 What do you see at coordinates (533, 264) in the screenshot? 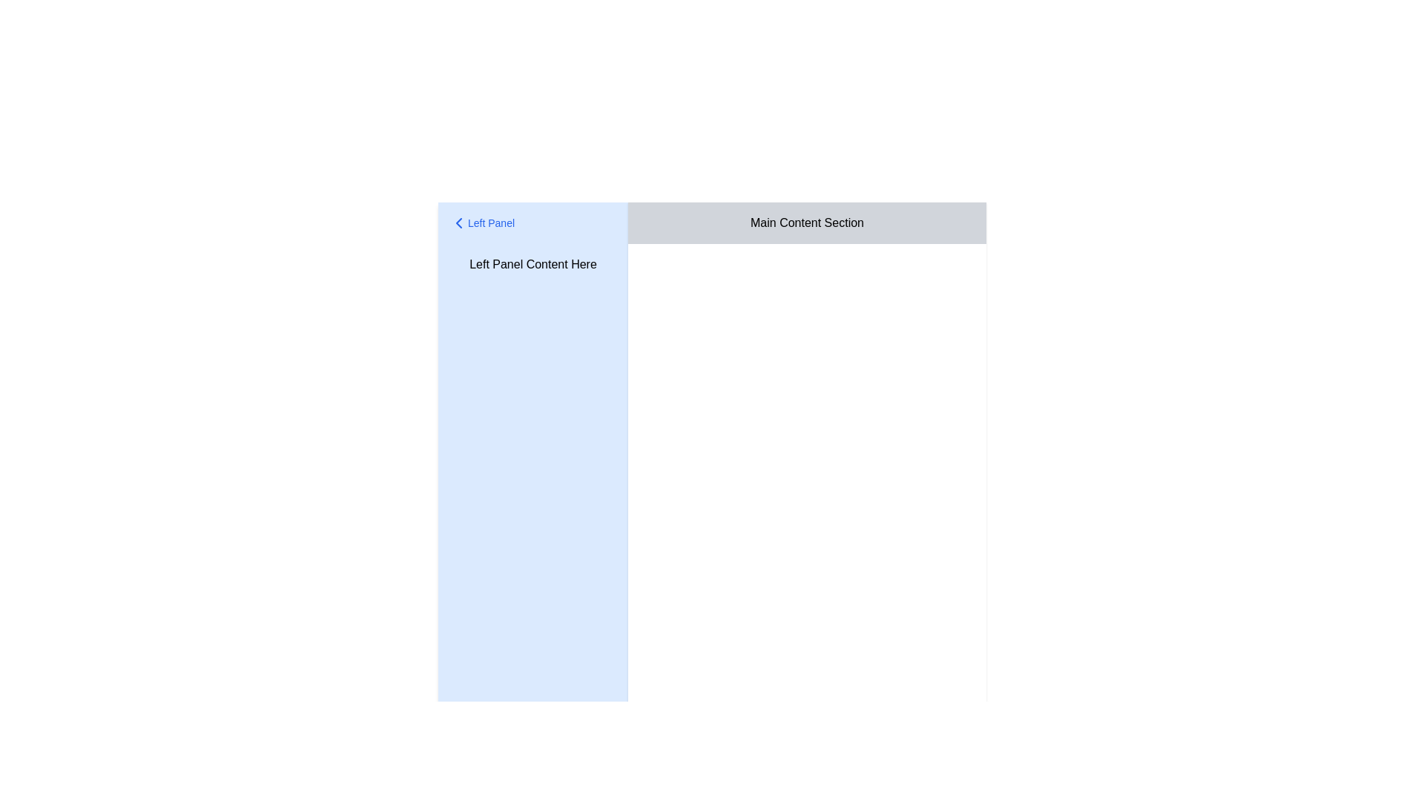
I see `the text label that displays 'Left Panel Content Here', which is located in the left-hand panel of the UI below the 'Left Panel' label` at bounding box center [533, 264].